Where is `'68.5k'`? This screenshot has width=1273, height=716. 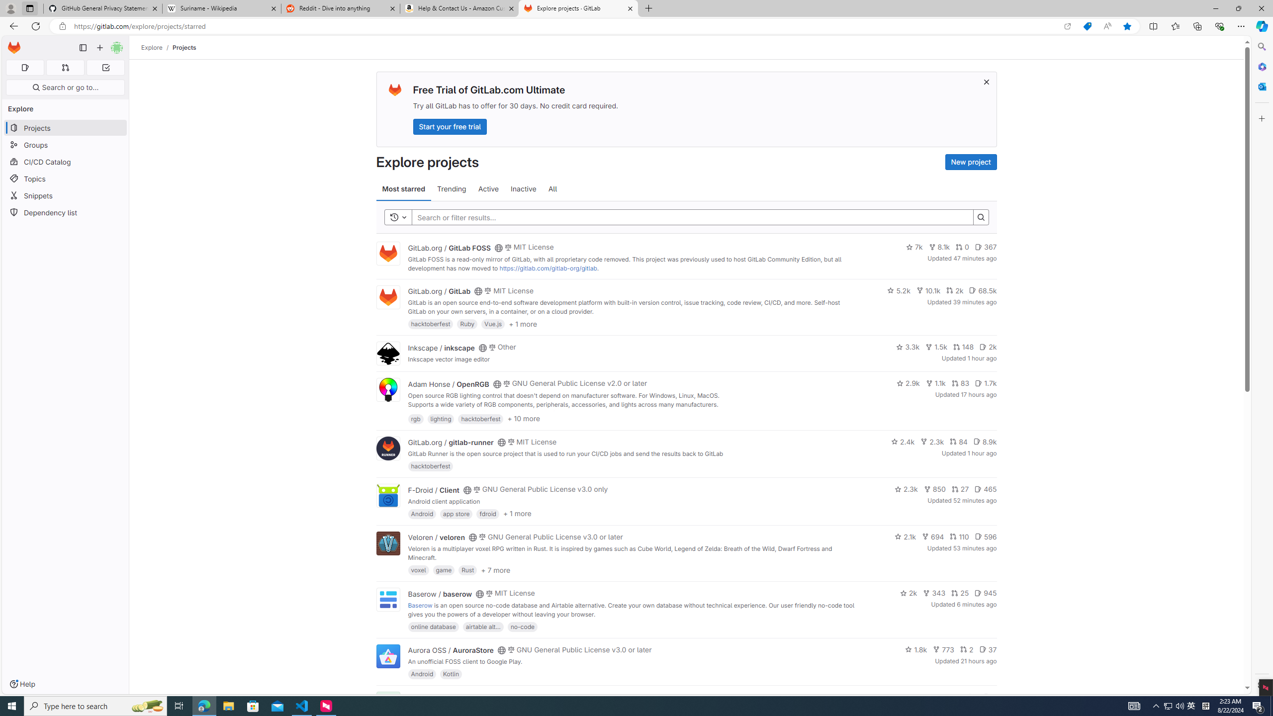 '68.5k' is located at coordinates (983, 289).